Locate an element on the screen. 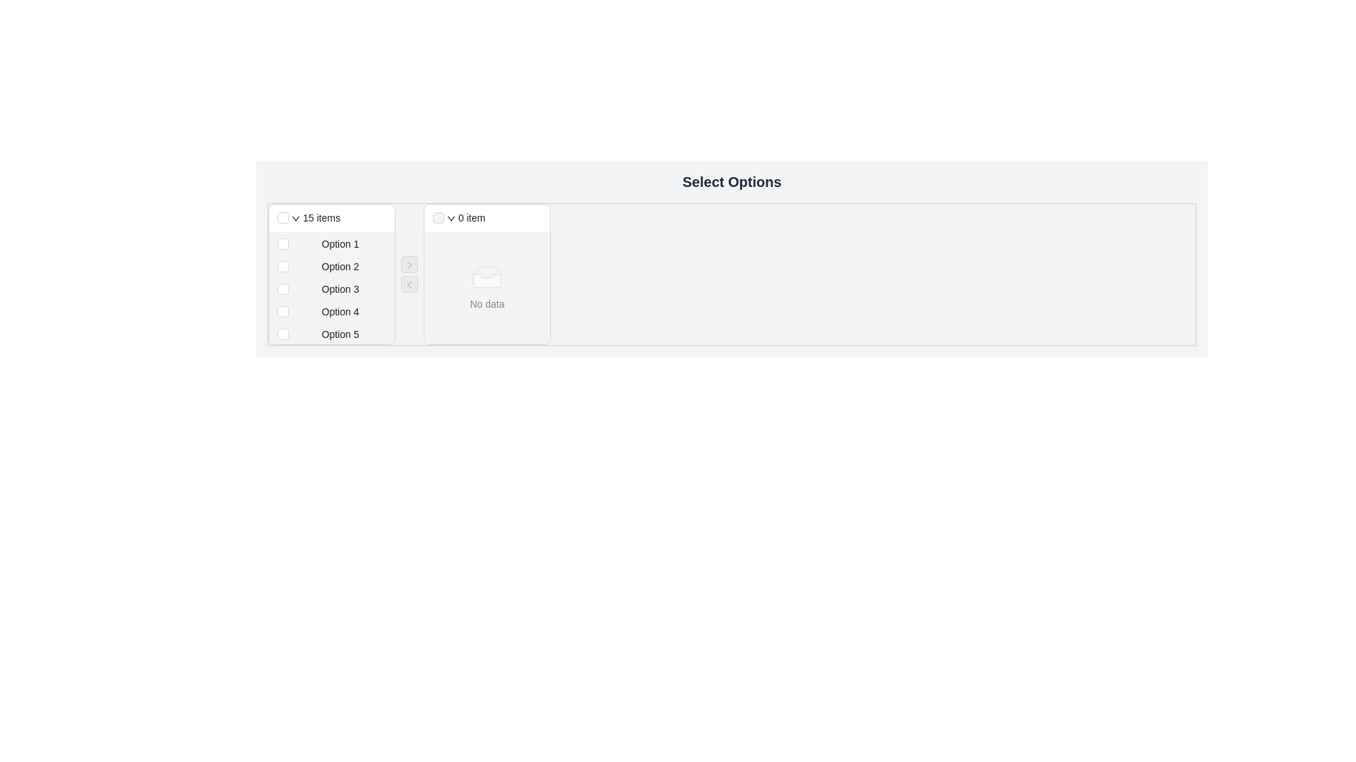  the checkbox associated with 'Option 3' is located at coordinates (282, 288).